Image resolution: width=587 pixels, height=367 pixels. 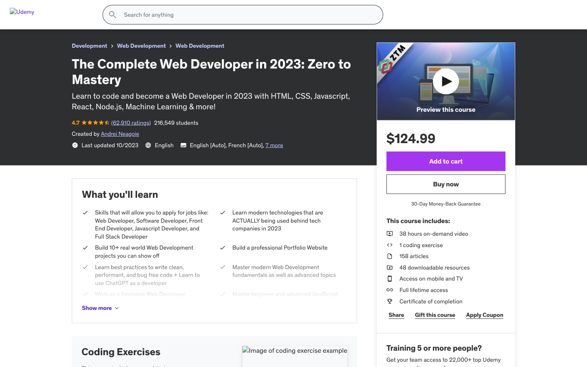 I want to click on Inspect the price bracket for kid"s footwear category, so click(x=99, y=253).